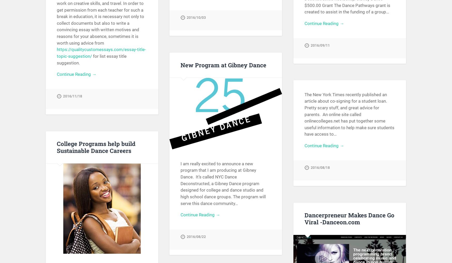 This screenshot has width=452, height=263. I want to click on '2016/08/22', so click(196, 237).